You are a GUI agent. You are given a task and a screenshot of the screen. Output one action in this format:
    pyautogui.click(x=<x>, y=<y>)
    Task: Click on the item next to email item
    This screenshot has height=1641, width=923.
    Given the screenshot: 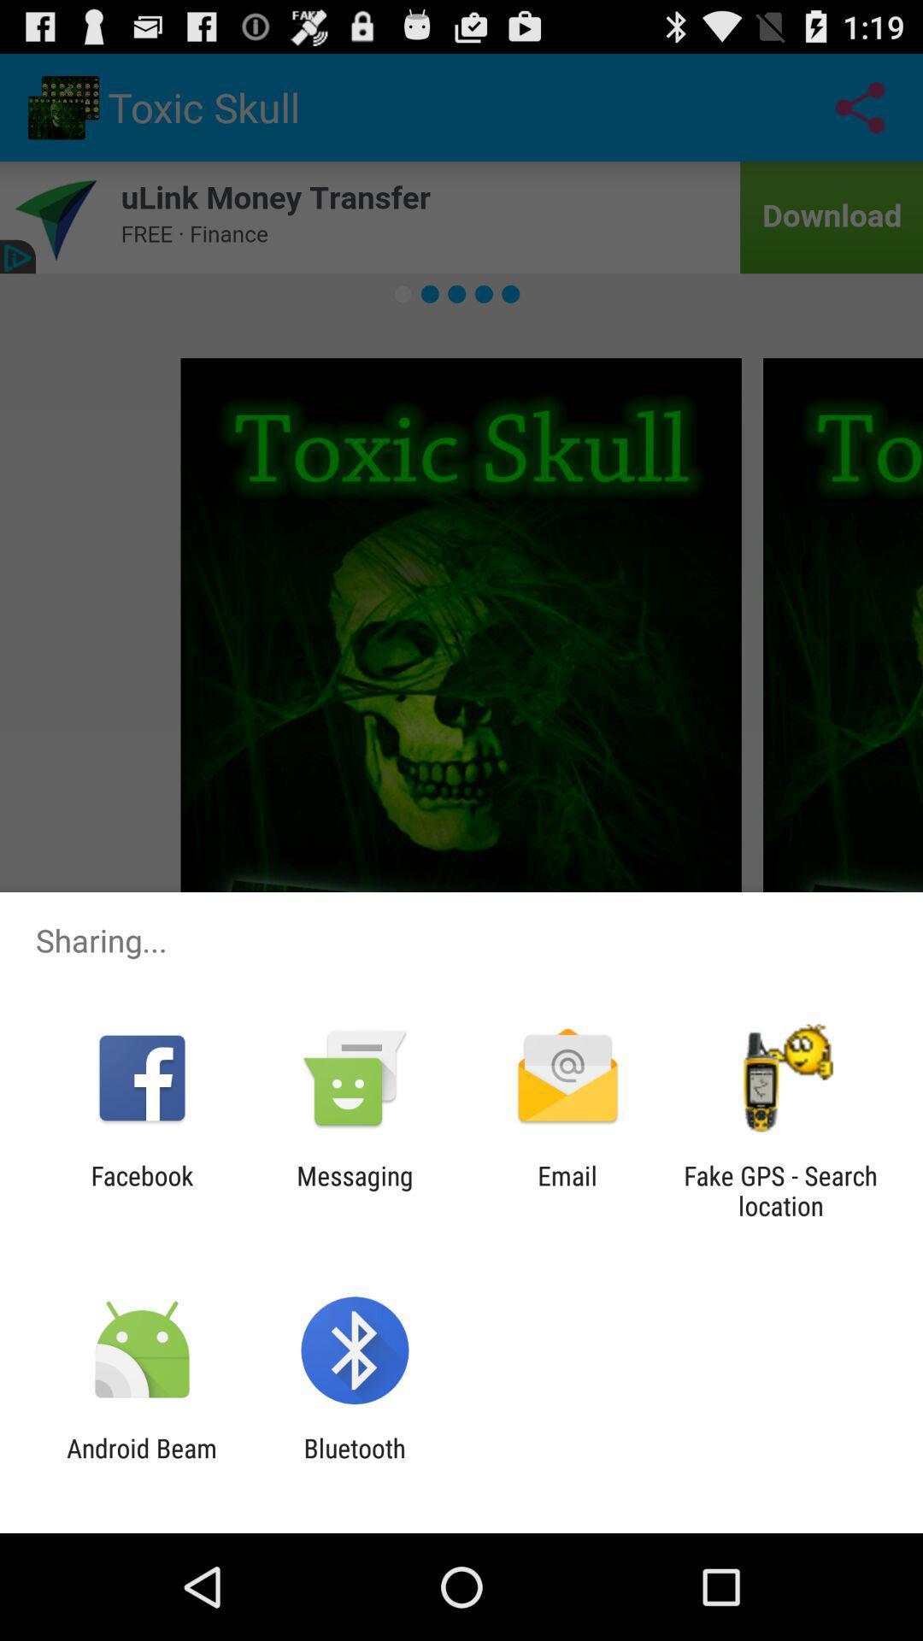 What is the action you would take?
    pyautogui.click(x=354, y=1190)
    